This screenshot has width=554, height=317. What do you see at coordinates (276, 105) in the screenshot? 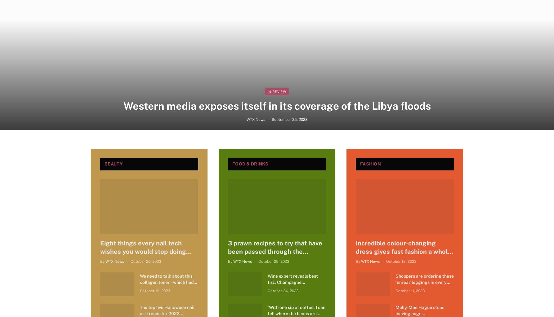
I see `'Western media exposes itself in its coverage of the Libya floods'` at bounding box center [276, 105].